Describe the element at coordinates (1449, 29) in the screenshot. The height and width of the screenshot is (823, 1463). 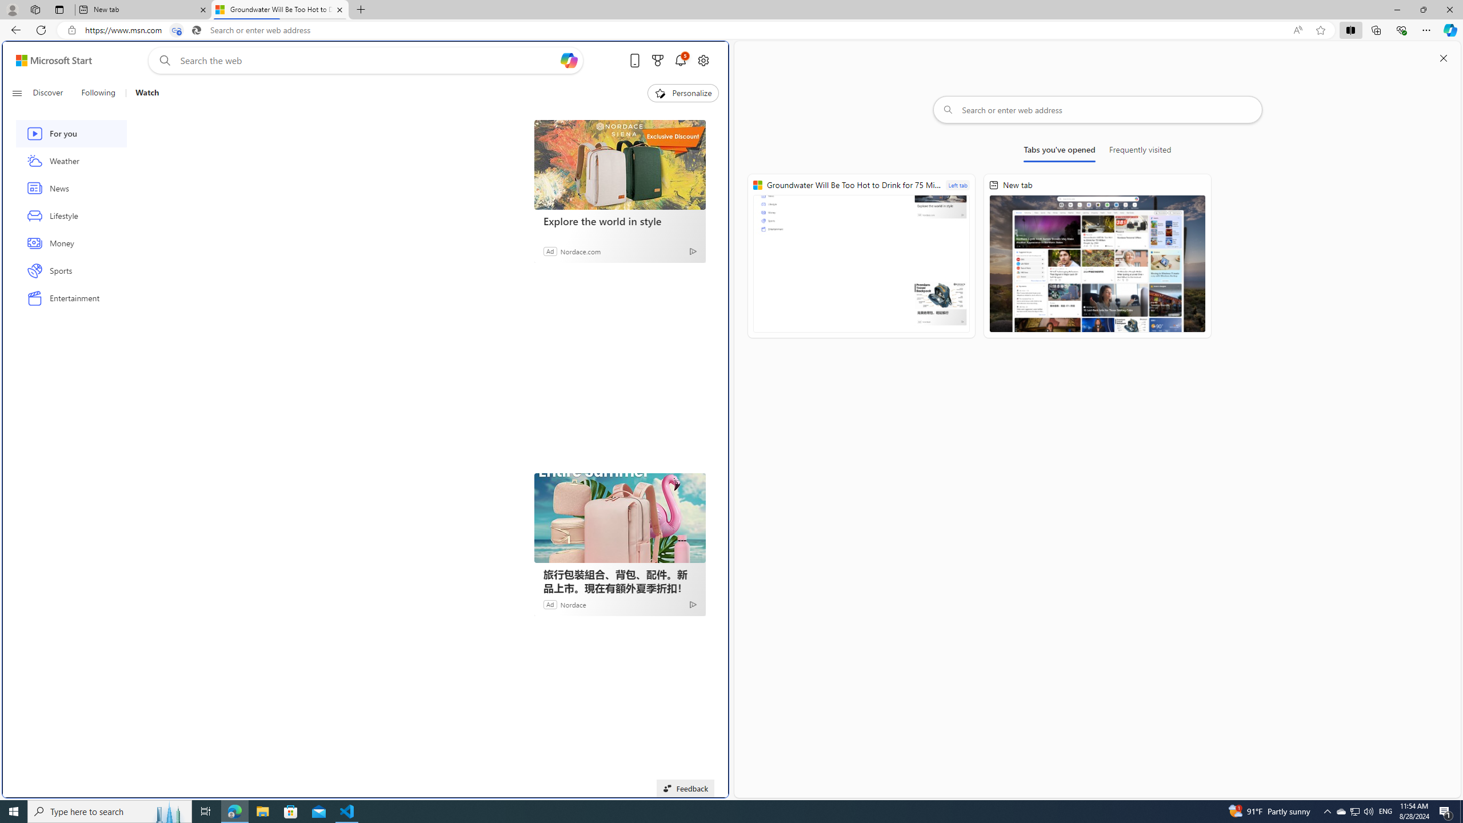
I see `'Copilot (Ctrl+Shift+.)'` at that location.